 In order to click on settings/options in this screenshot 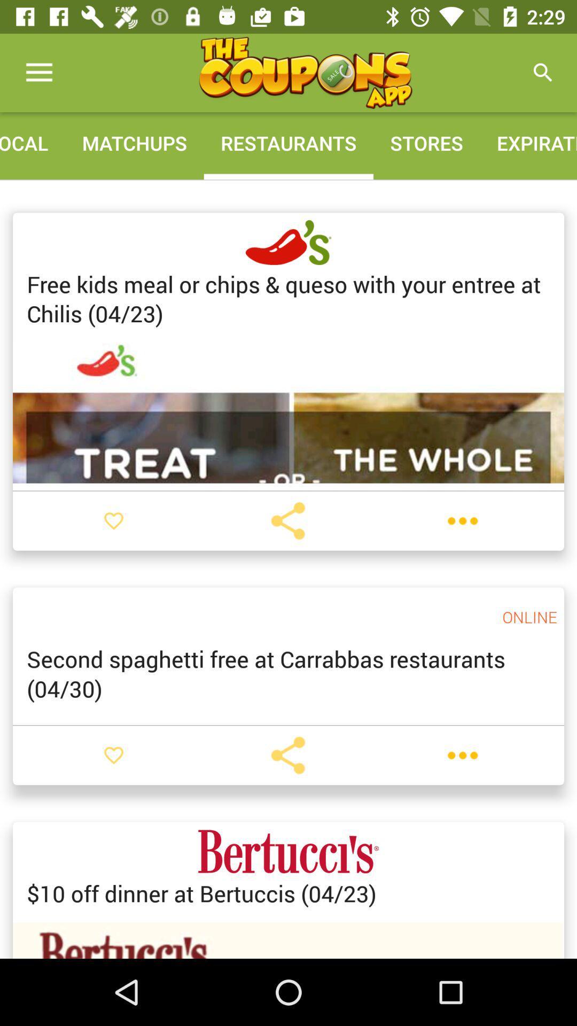, I will do `click(462, 755)`.